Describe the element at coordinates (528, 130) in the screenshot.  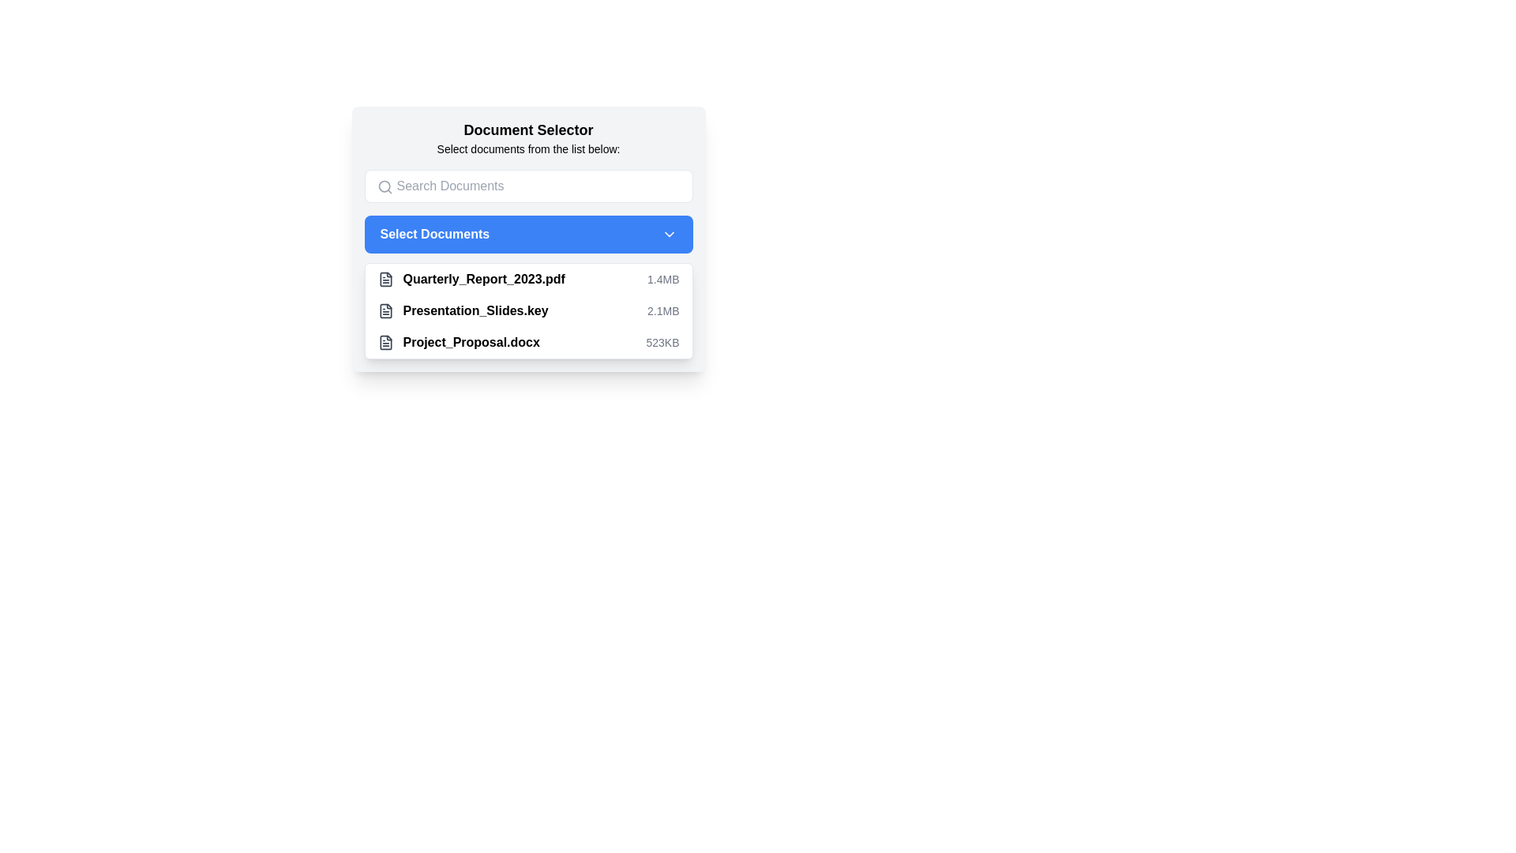
I see `label 'Document Selector' which is a bold and large text element prominently located at the top of the document selection interface` at that location.